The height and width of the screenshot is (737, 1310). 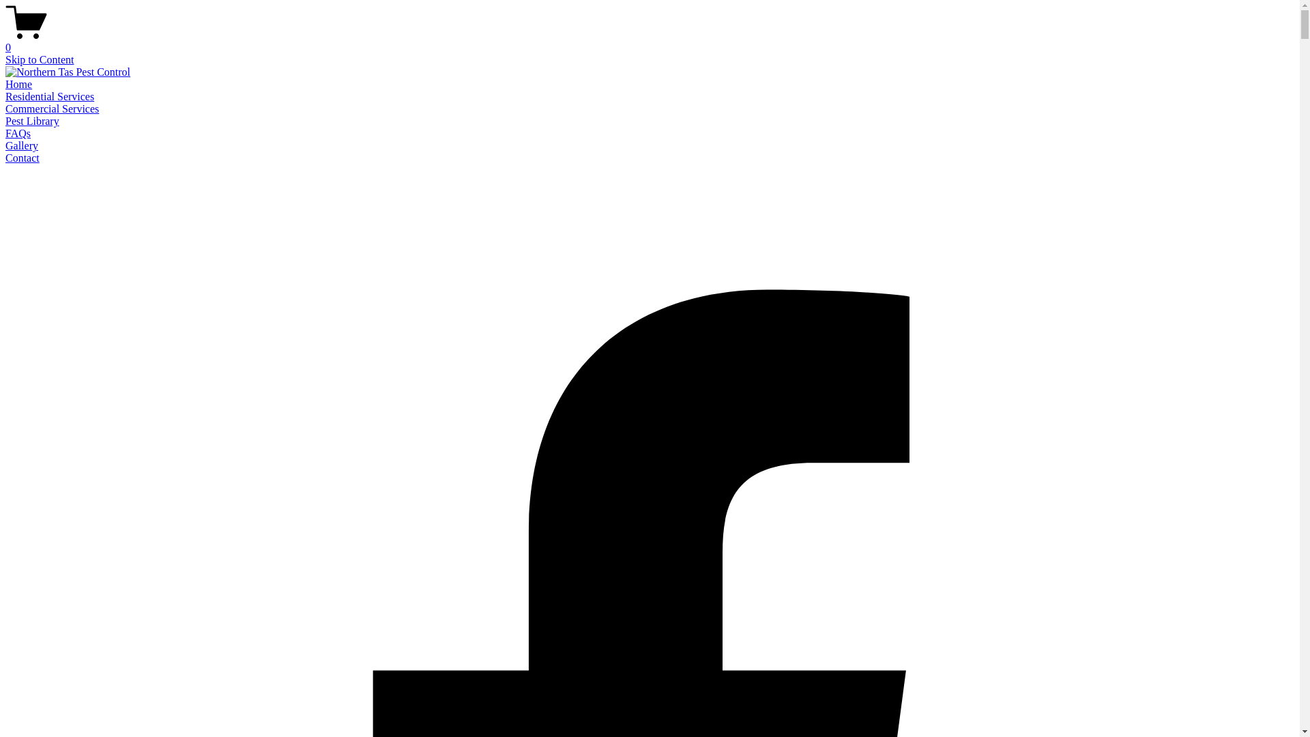 I want to click on 'Contact', so click(x=23, y=157).